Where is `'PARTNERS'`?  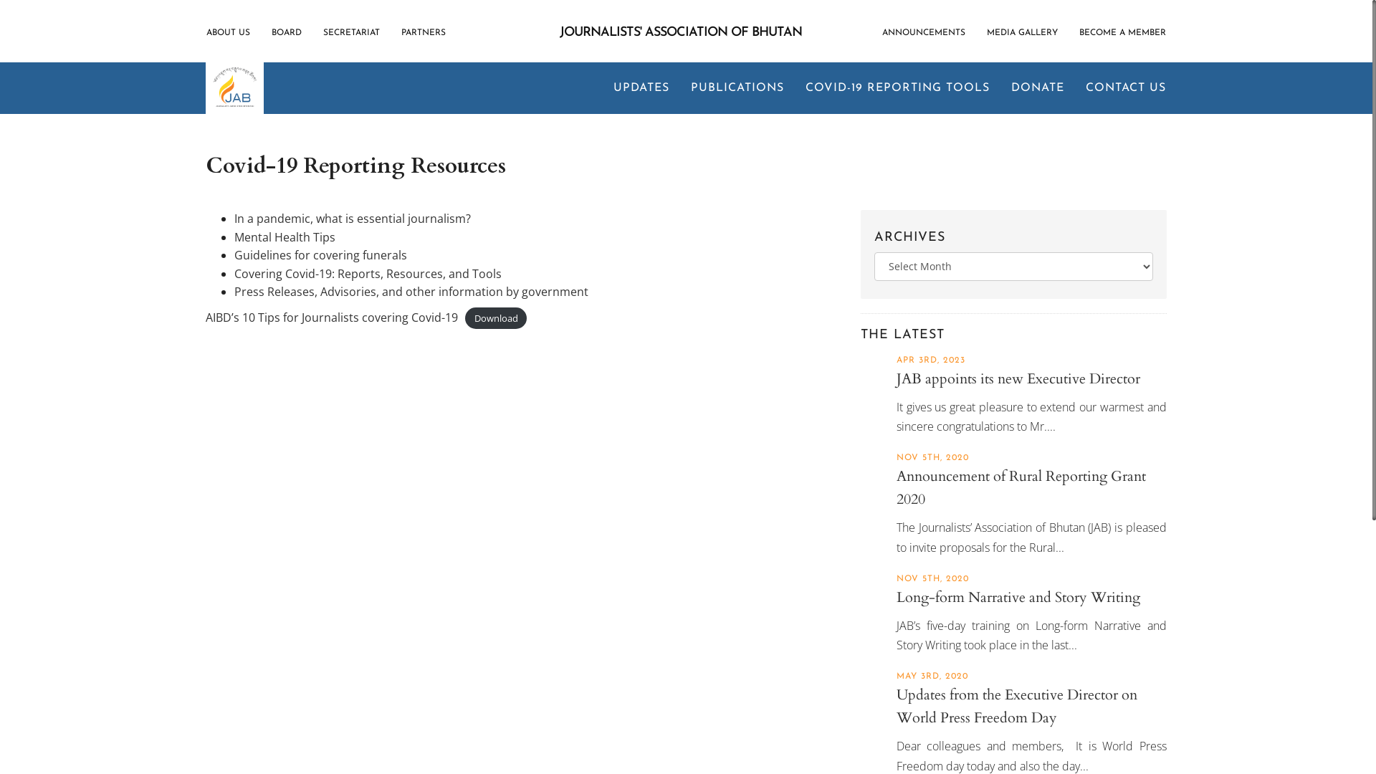 'PARTNERS' is located at coordinates (422, 32).